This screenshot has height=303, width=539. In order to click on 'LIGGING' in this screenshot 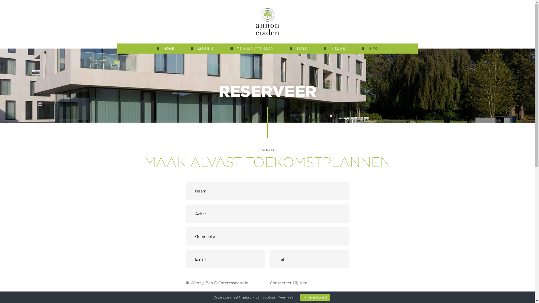, I will do `click(191, 48)`.